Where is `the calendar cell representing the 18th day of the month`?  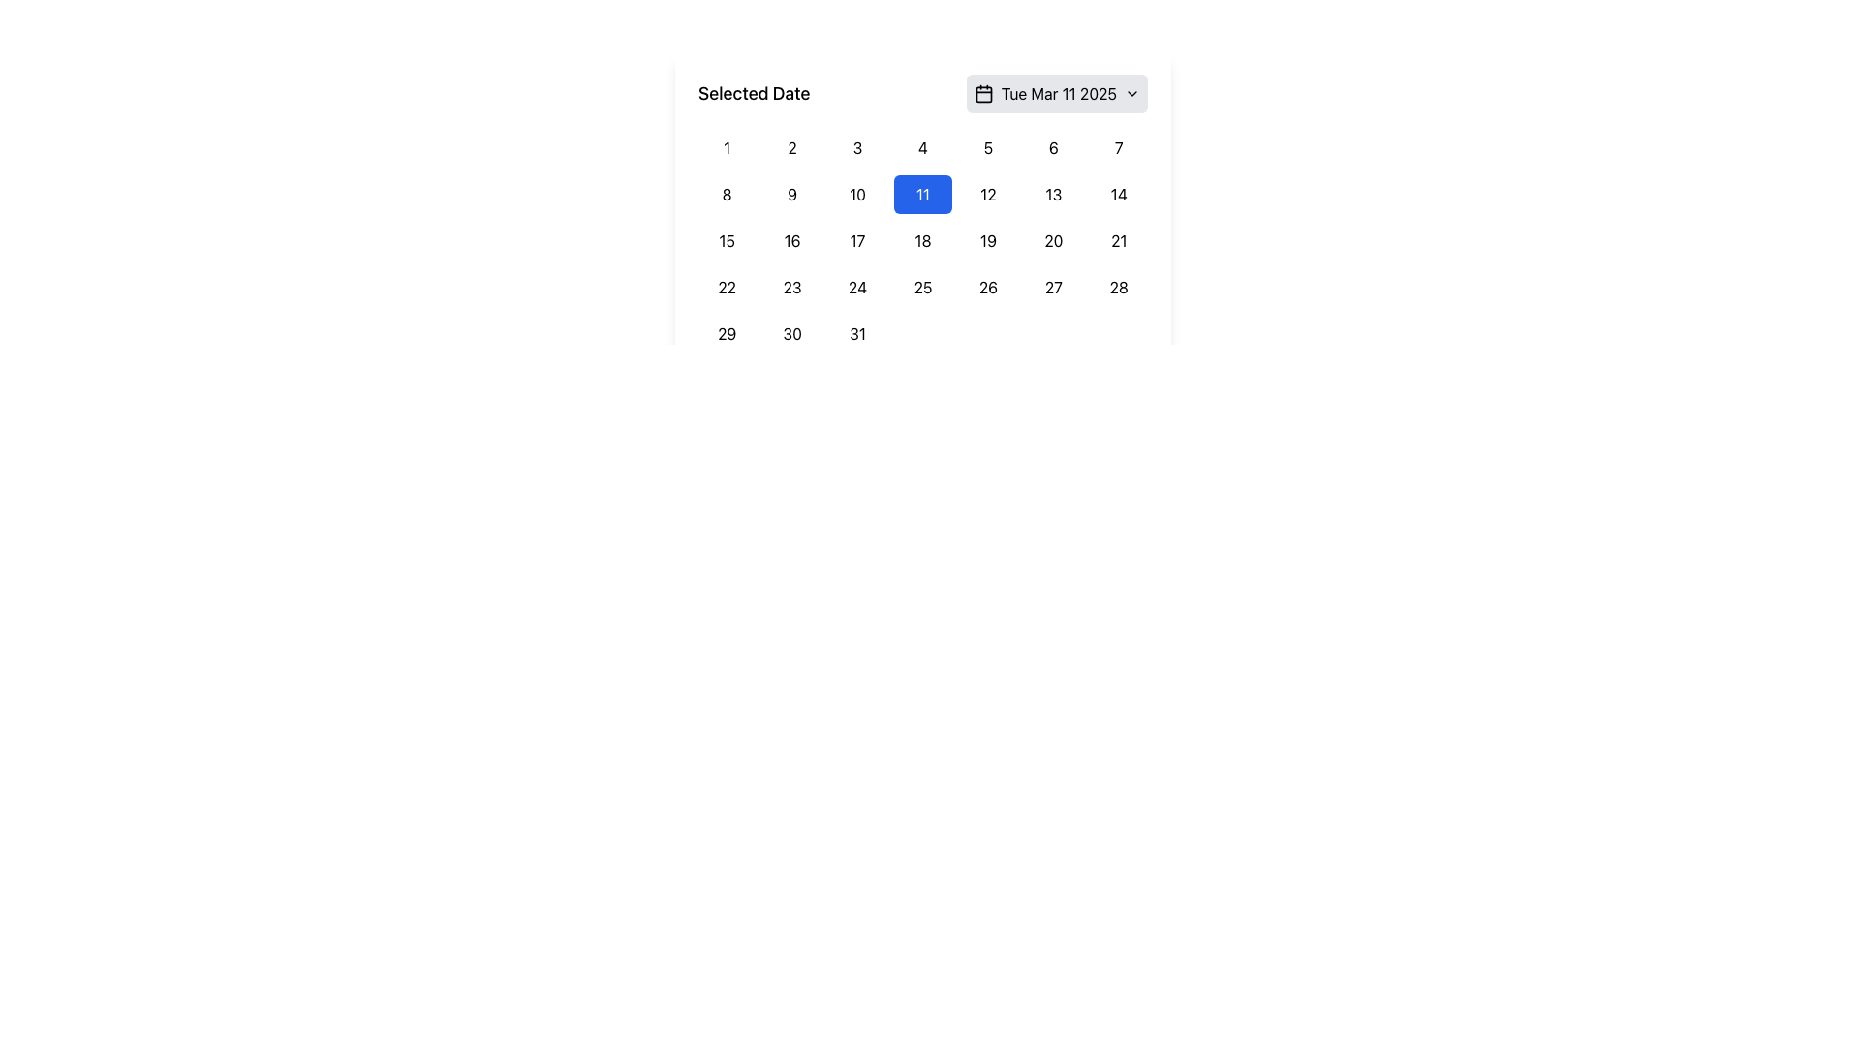
the calendar cell representing the 18th day of the month is located at coordinates (922, 240).